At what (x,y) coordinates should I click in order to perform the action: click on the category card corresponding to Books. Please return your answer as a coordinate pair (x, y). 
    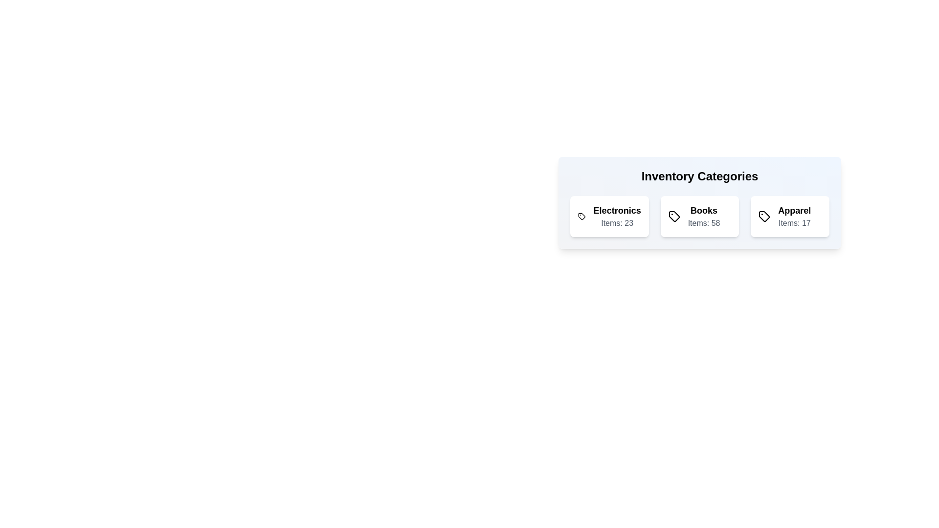
    Looking at the image, I should click on (699, 216).